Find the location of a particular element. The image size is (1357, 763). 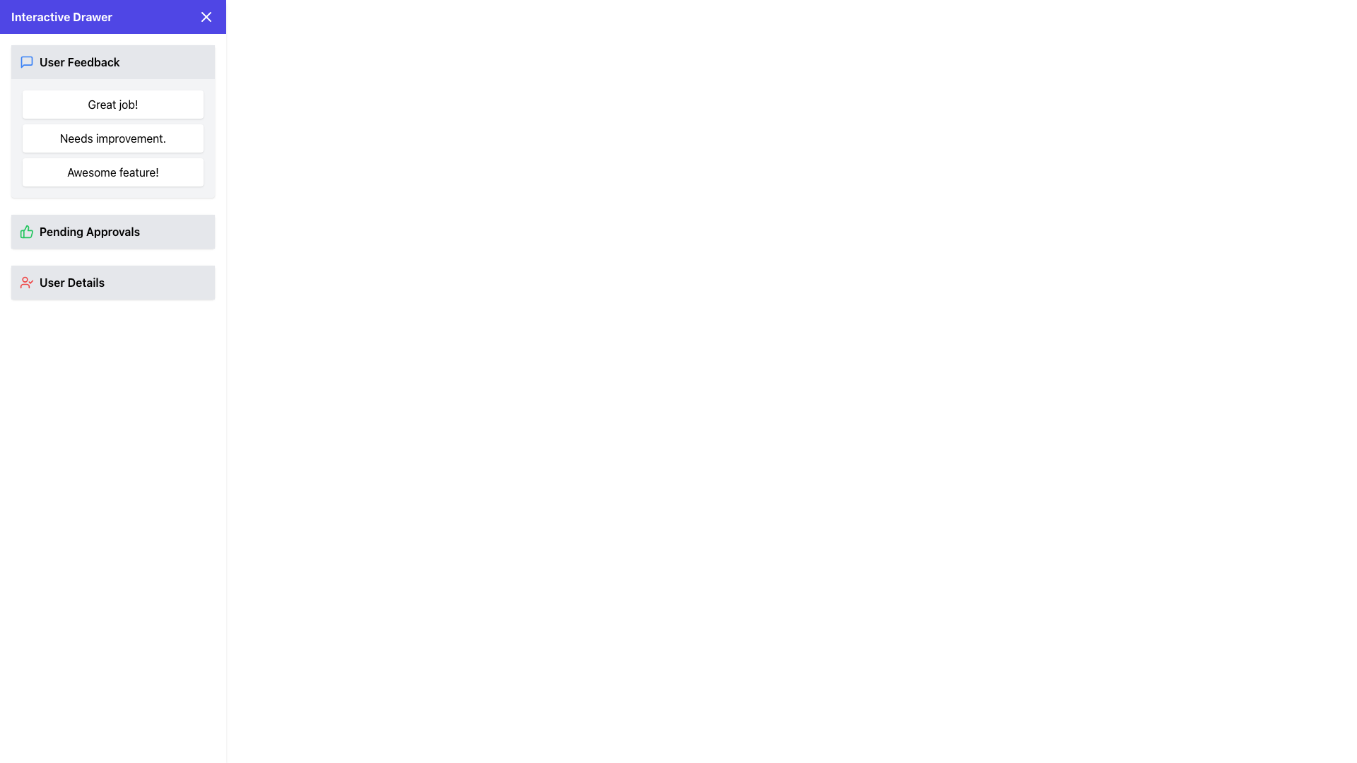

the styling of the 'User Feedback' icon located at the top of the sidebar, which visually represents communication or feedback-related content is located at coordinates (27, 61).